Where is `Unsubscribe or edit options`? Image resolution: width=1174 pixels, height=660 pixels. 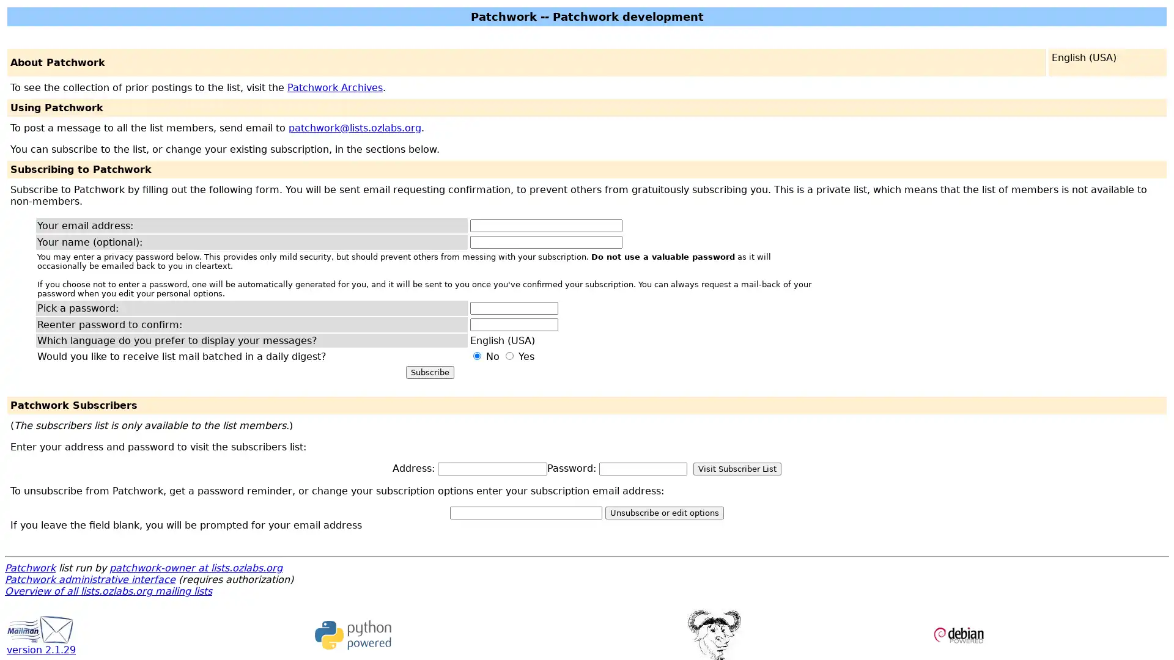 Unsubscribe or edit options is located at coordinates (663, 513).